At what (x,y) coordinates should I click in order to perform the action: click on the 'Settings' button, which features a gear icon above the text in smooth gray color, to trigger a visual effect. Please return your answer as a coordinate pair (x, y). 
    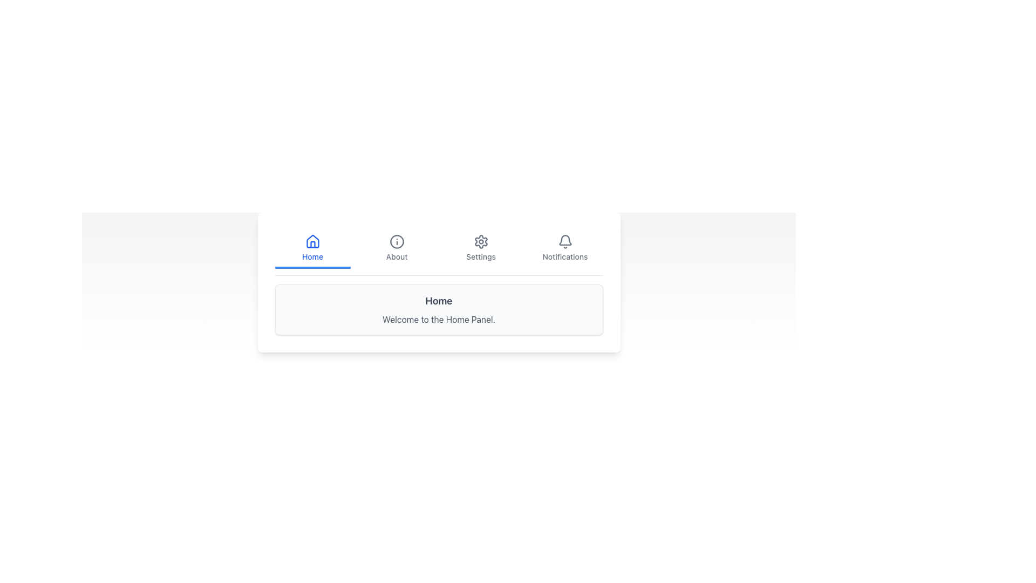
    Looking at the image, I should click on (480, 249).